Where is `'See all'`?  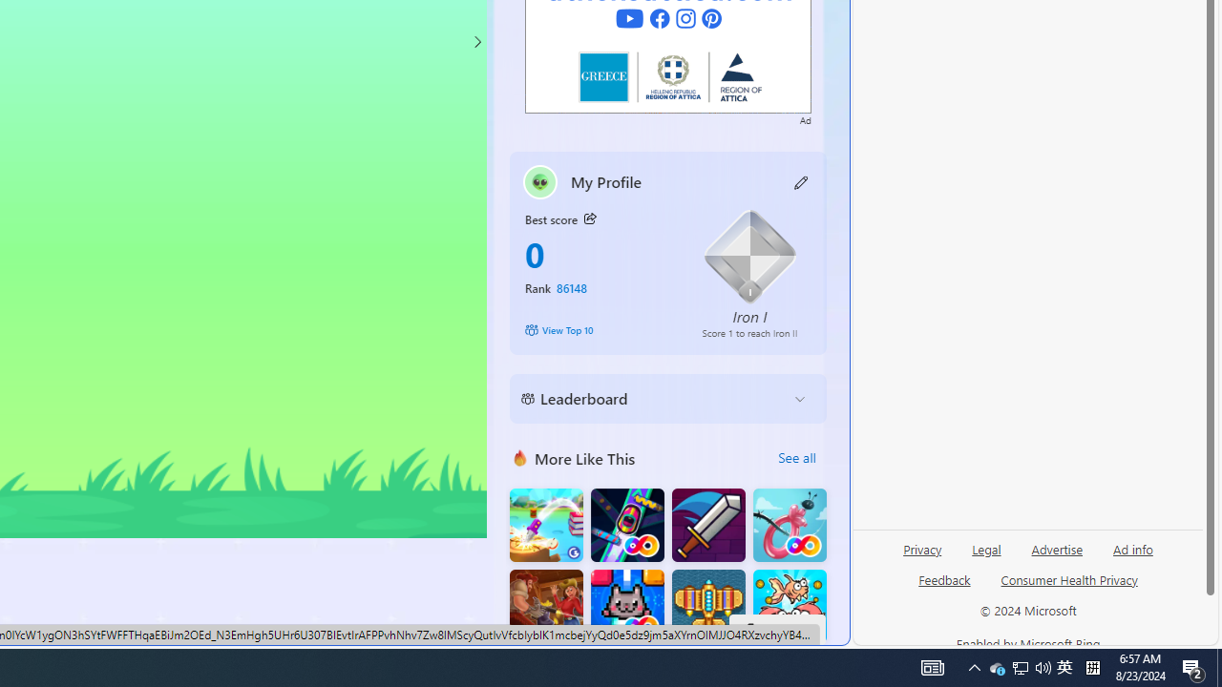
'See all' is located at coordinates (797, 457).